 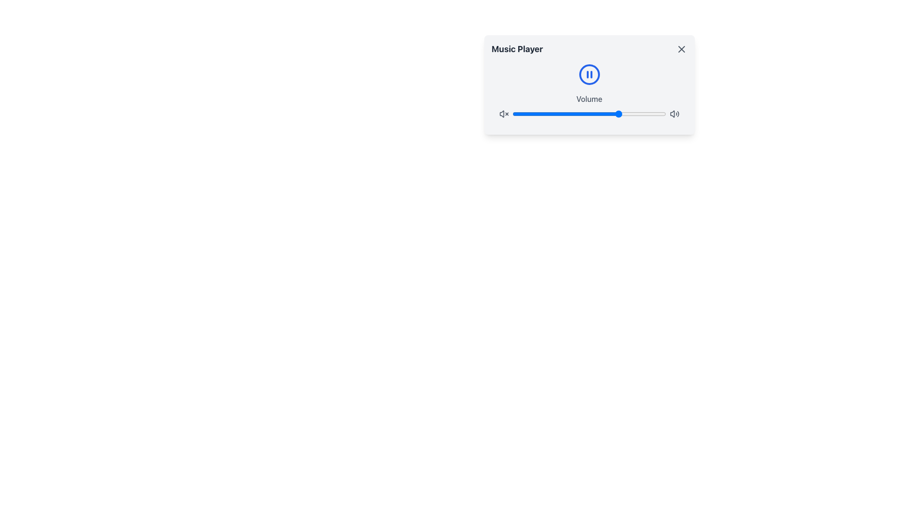 I want to click on the volume slider, so click(x=513, y=114).